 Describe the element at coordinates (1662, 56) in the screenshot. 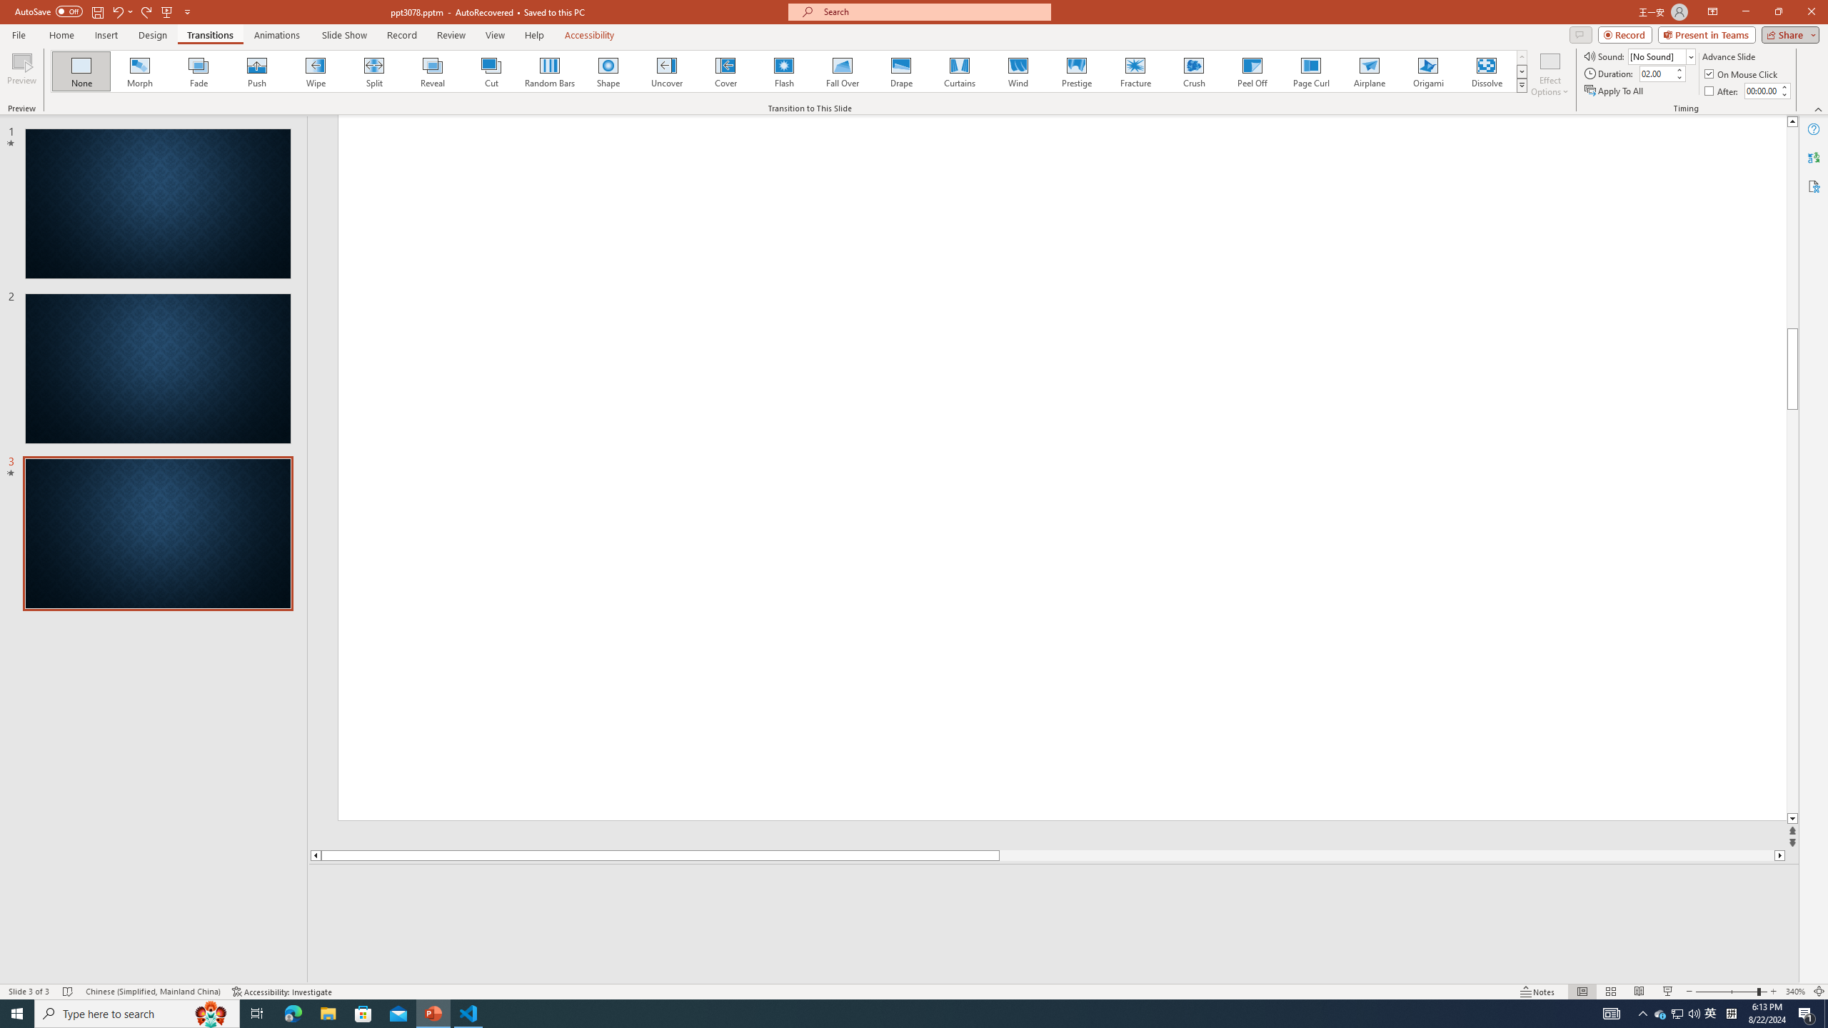

I see `'Sound'` at that location.